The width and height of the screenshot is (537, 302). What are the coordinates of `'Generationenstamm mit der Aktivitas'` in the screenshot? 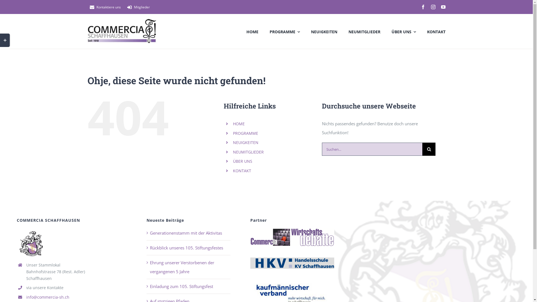 It's located at (186, 233).